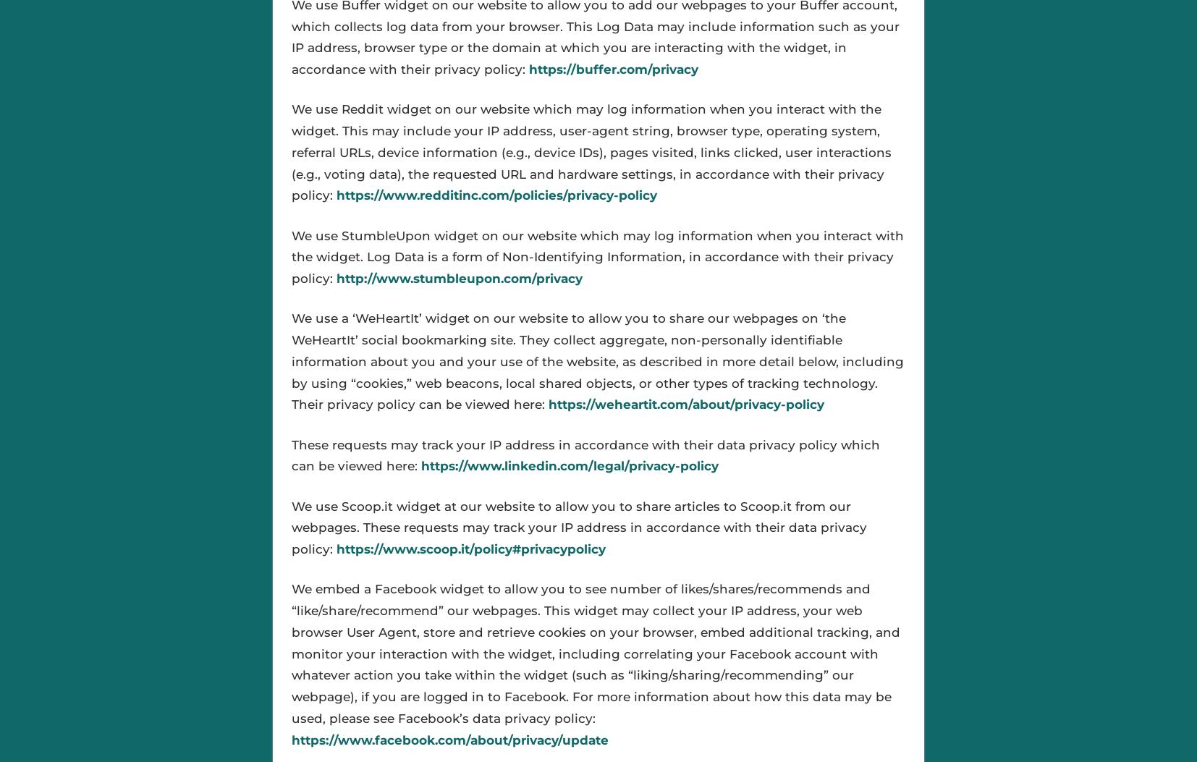 The width and height of the screenshot is (1197, 762). Describe the element at coordinates (420, 465) in the screenshot. I see `'https://www.linkedin.com/legal/privacy-policy'` at that location.